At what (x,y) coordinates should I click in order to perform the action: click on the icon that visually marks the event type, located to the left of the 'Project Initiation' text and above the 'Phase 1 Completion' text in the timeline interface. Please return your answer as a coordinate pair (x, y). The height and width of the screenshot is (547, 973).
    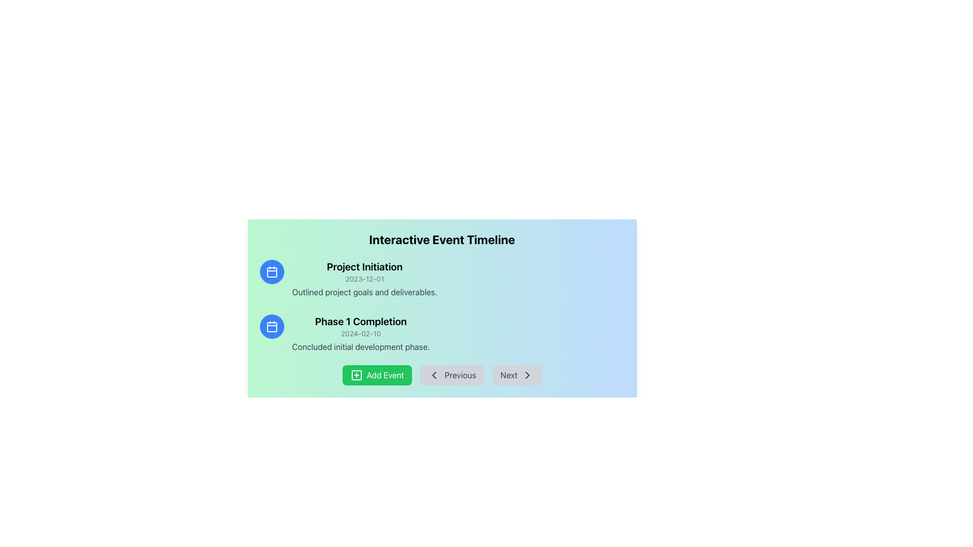
    Looking at the image, I should click on (272, 271).